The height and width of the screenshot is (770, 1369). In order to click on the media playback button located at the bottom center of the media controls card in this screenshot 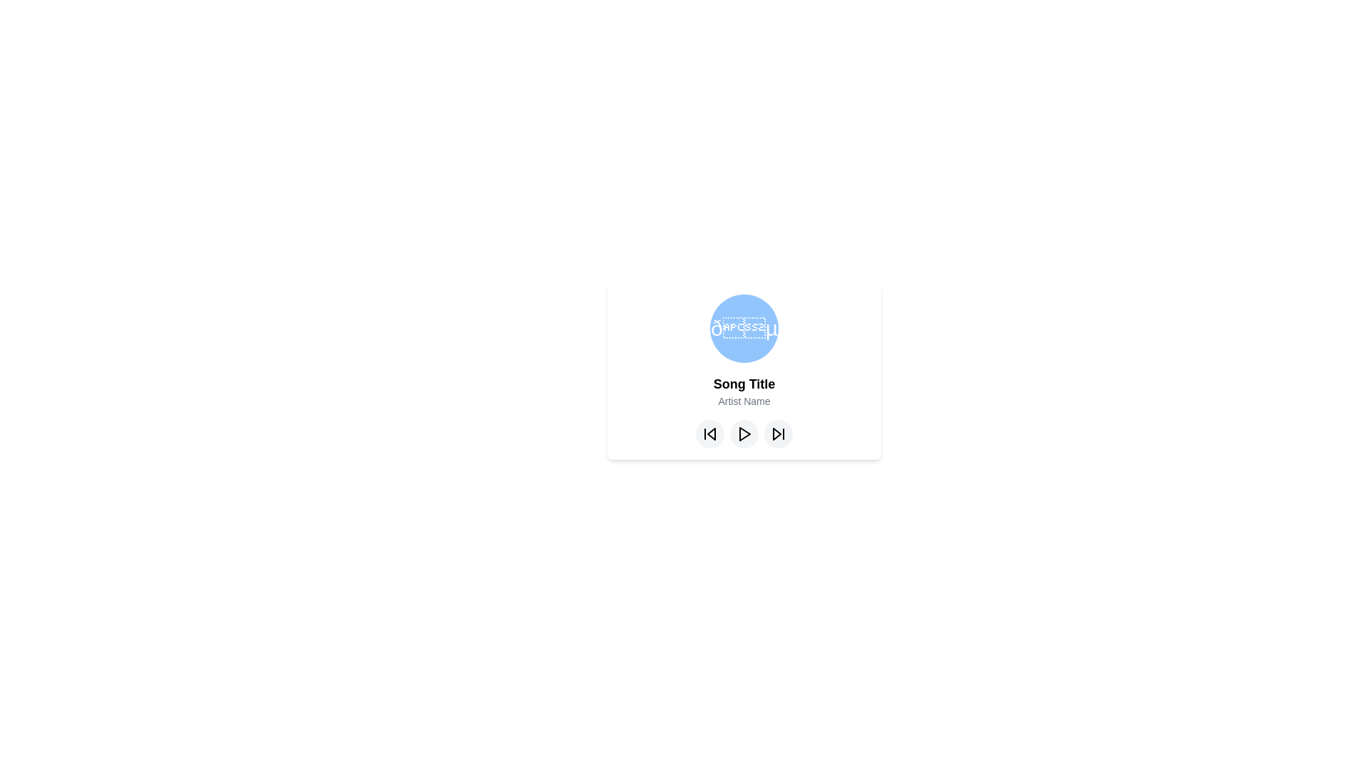, I will do `click(744, 433)`.